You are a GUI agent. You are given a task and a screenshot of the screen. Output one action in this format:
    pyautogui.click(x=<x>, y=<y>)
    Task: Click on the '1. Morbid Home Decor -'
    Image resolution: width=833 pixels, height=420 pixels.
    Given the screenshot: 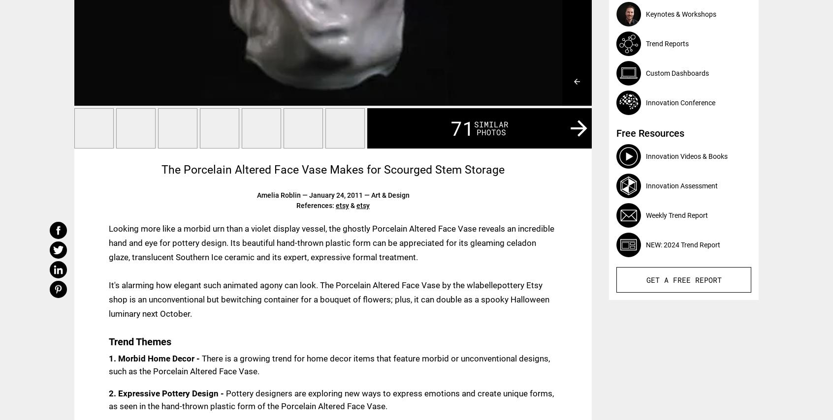 What is the action you would take?
    pyautogui.click(x=155, y=358)
    